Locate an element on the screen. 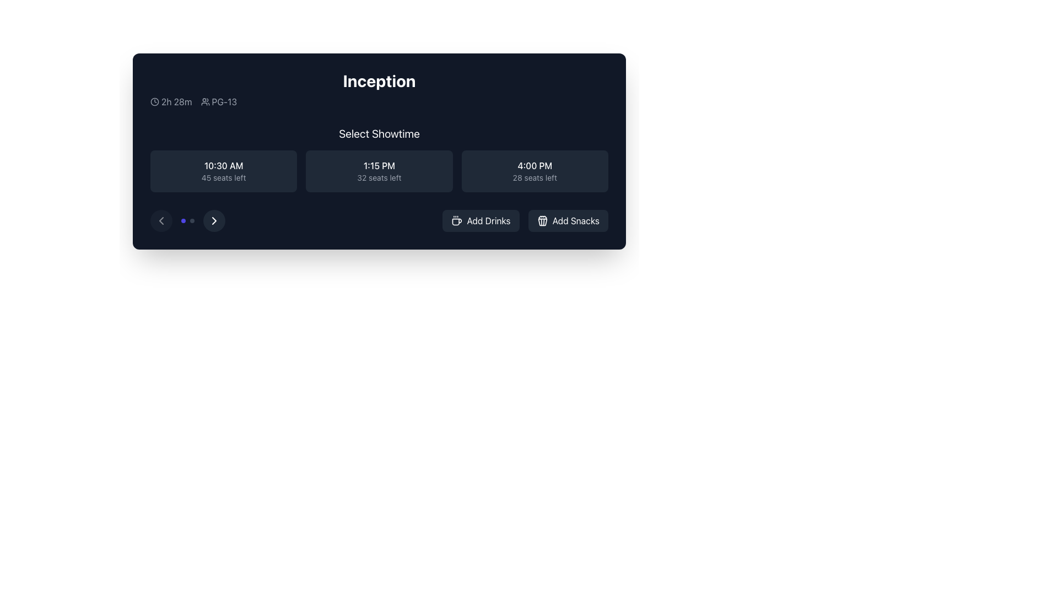 Image resolution: width=1058 pixels, height=595 pixels. the left-pointing chevron icon located within the circular button in the lower-left corner of the content card is located at coordinates (160, 221).